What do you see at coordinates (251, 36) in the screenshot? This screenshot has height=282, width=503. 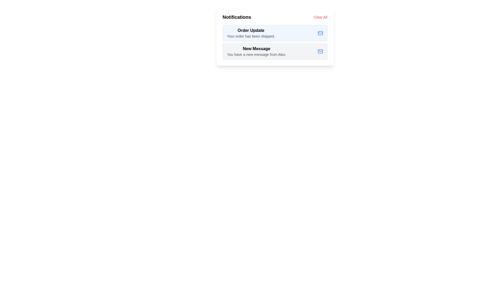 I see `text label stating 'Your order has been shipped.' located beneath the 'Order Update' title within the light-blue notification card` at bounding box center [251, 36].